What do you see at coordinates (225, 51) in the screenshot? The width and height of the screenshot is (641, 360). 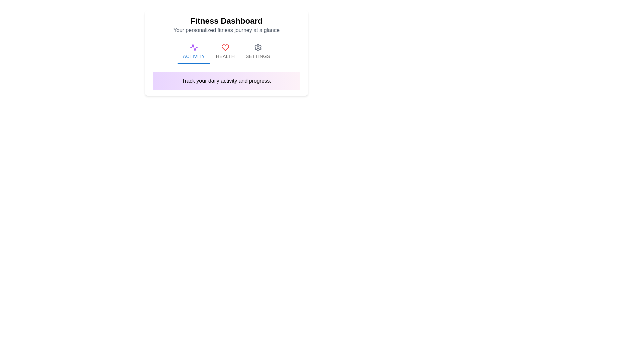 I see `the 'Health' tab` at bounding box center [225, 51].